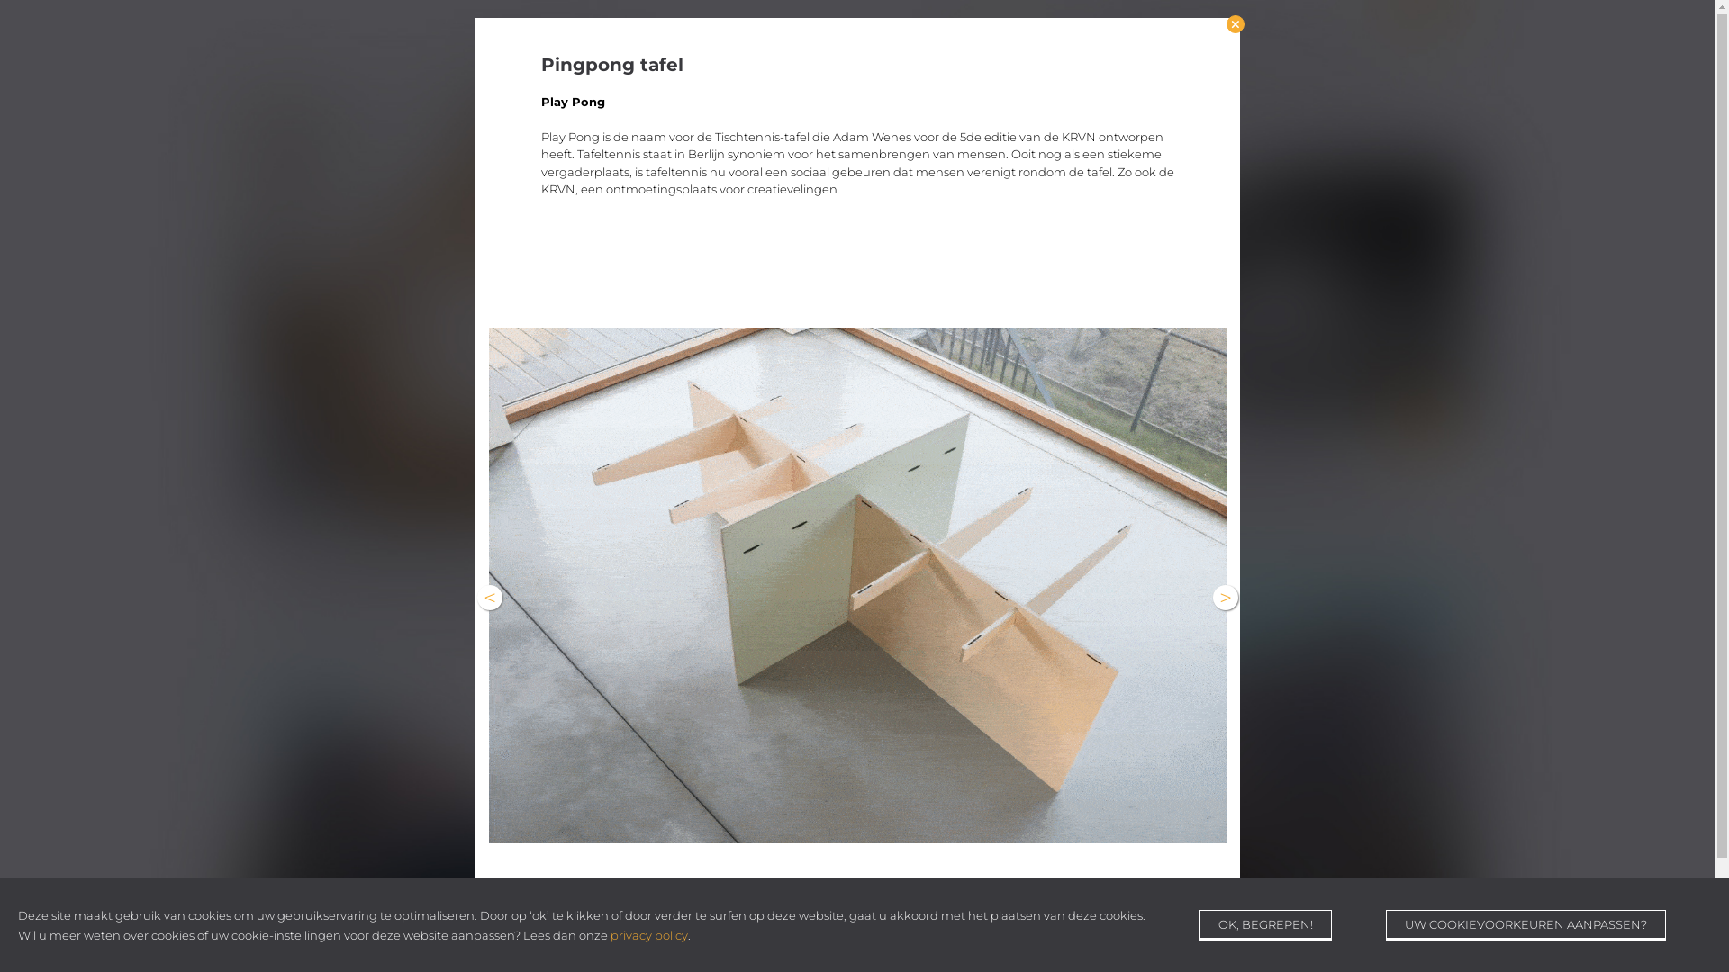 This screenshot has width=1729, height=972. Describe the element at coordinates (610, 933) in the screenshot. I see `'privacy policy'` at that location.